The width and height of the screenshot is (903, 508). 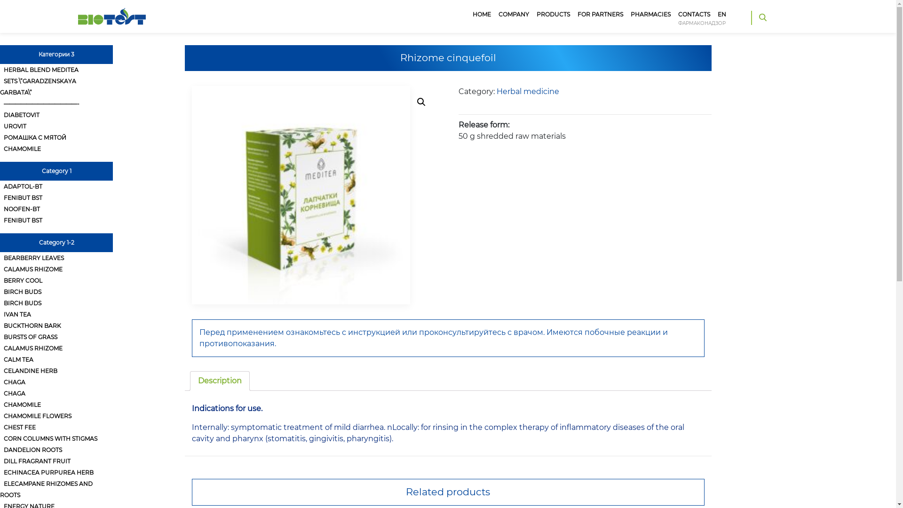 I want to click on 'NOOFEN-BT', so click(x=22, y=208).